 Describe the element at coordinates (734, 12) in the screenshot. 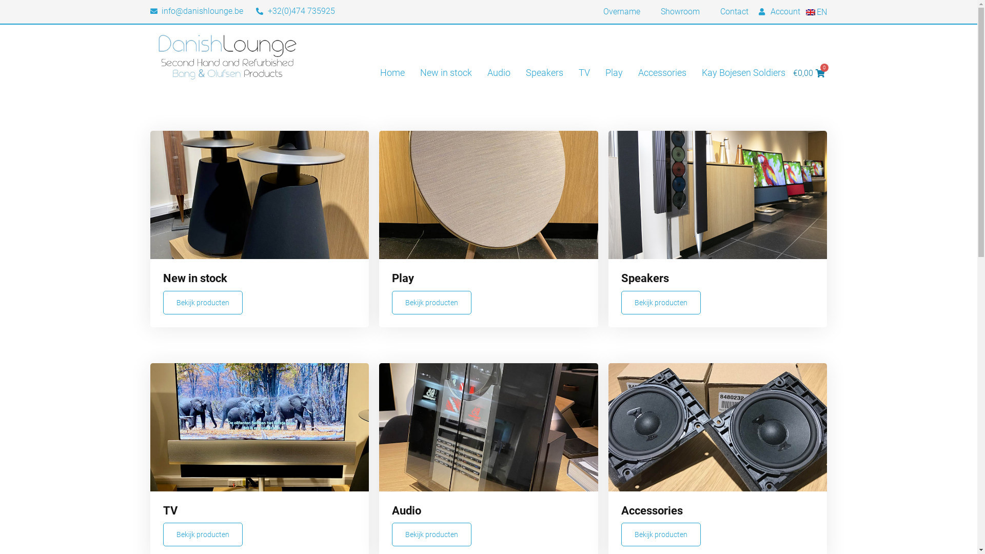

I see `'Contact'` at that location.